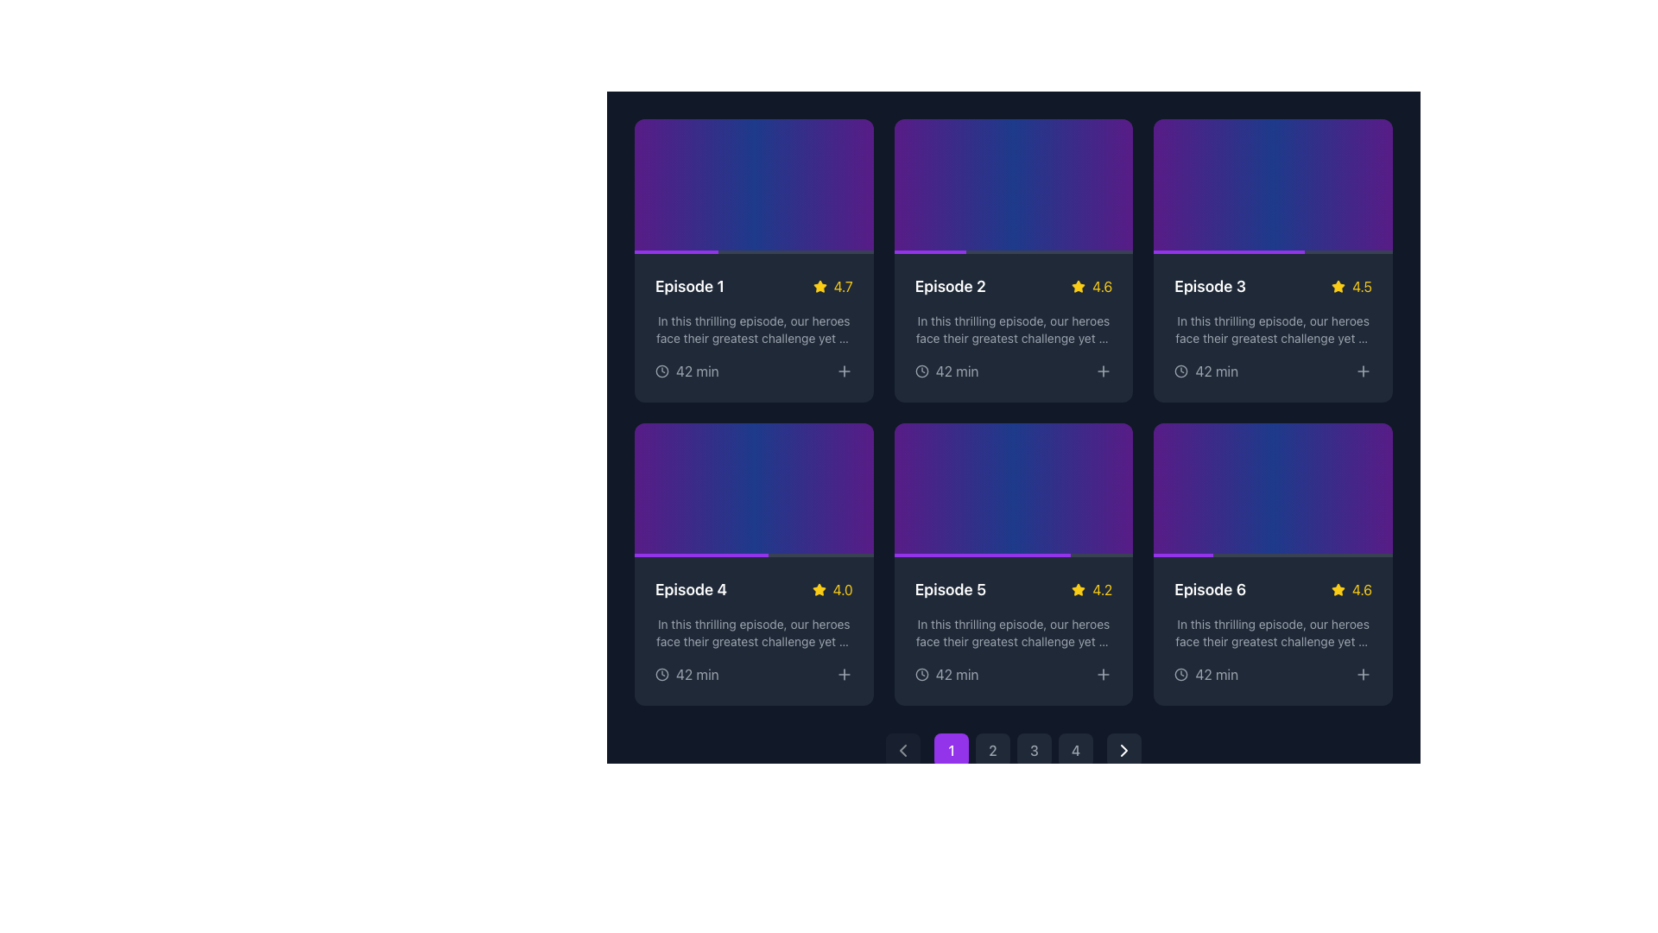  What do you see at coordinates (686, 674) in the screenshot?
I see `the informational label indicating the duration of 'Episode 4', located in the summary section at the bottom-left corner of the card` at bounding box center [686, 674].